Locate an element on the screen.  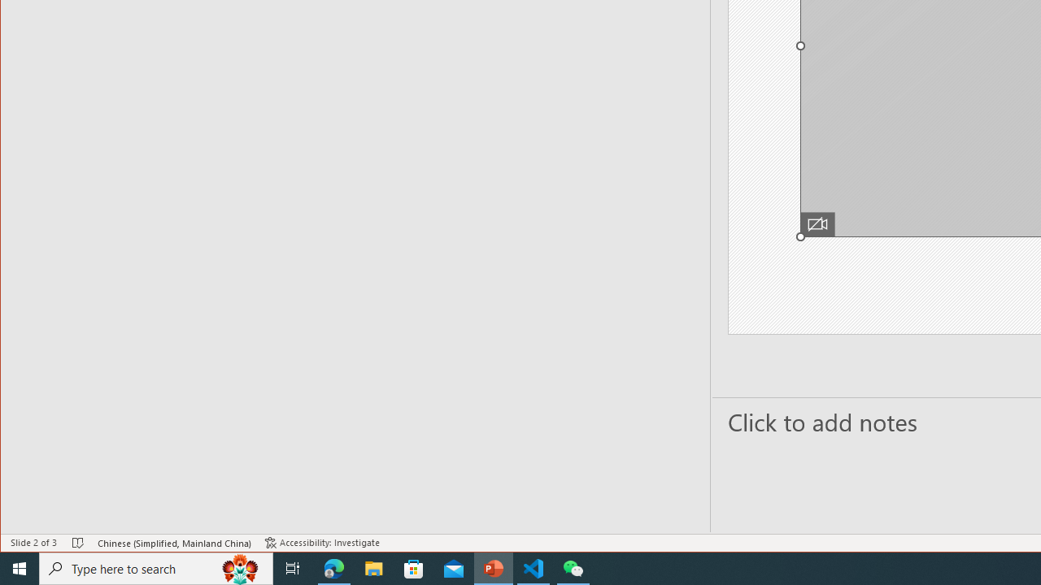
'WeChat - 1 running window' is located at coordinates (573, 567).